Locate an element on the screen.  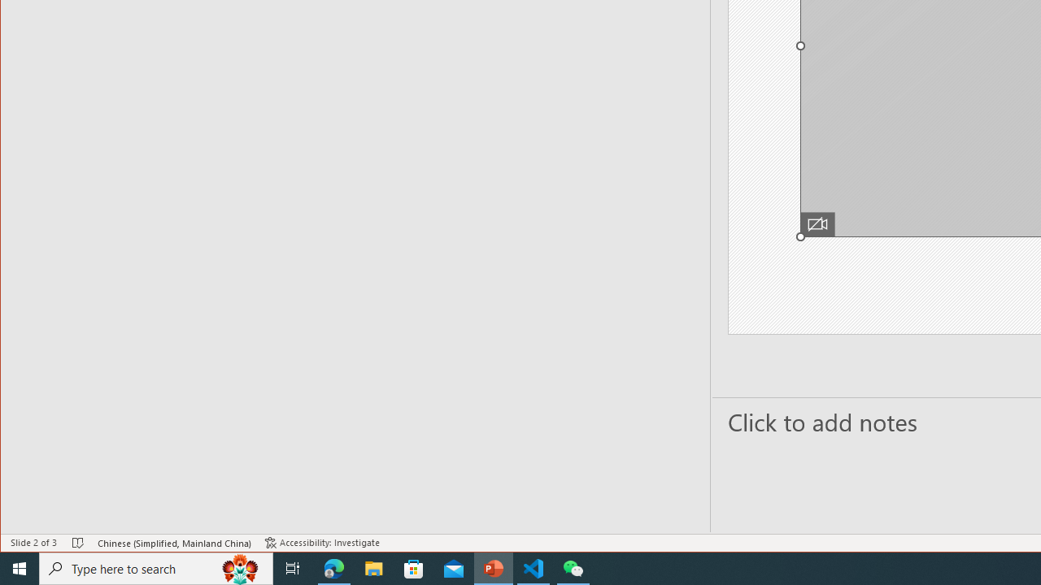
'WeChat - 1 running window' is located at coordinates (573, 567).